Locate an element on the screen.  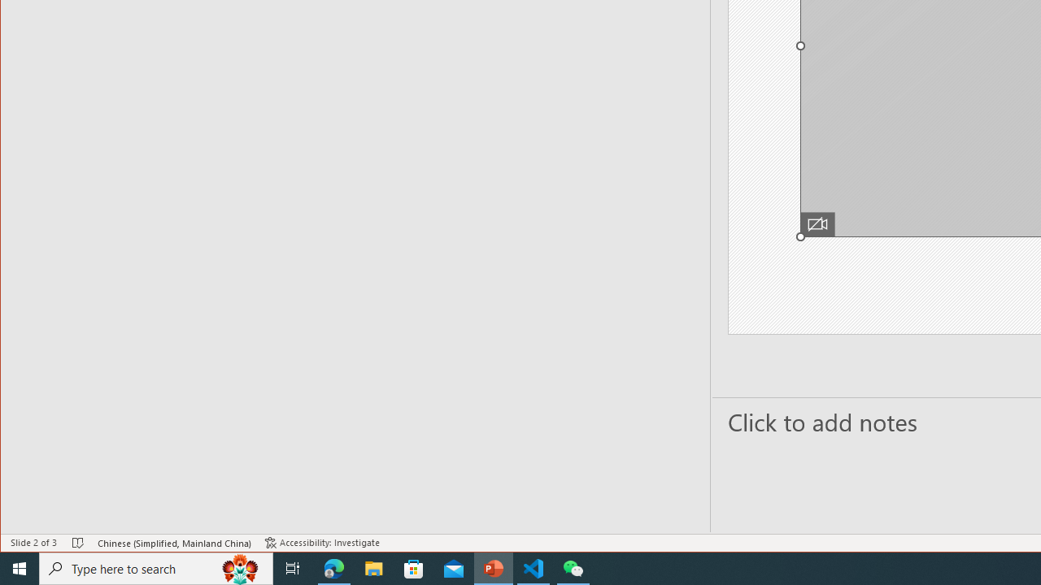
'WeChat - 1 running window' is located at coordinates (573, 567).